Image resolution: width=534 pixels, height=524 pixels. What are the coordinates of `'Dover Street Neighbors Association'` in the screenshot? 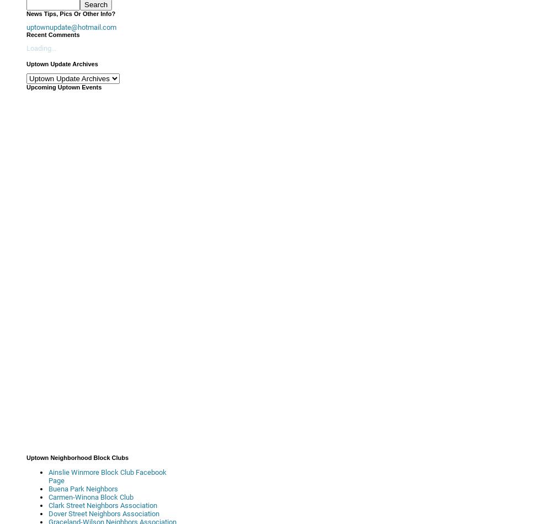 It's located at (104, 513).